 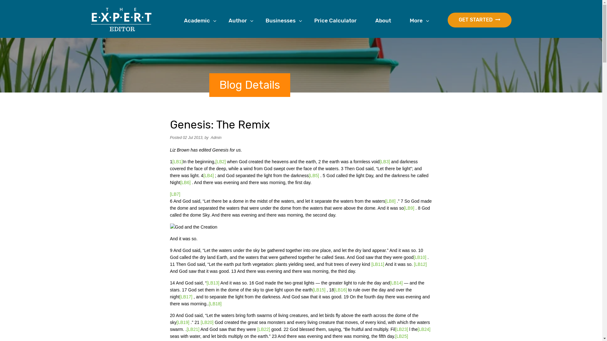 I want to click on '[LB8]', so click(x=390, y=201).